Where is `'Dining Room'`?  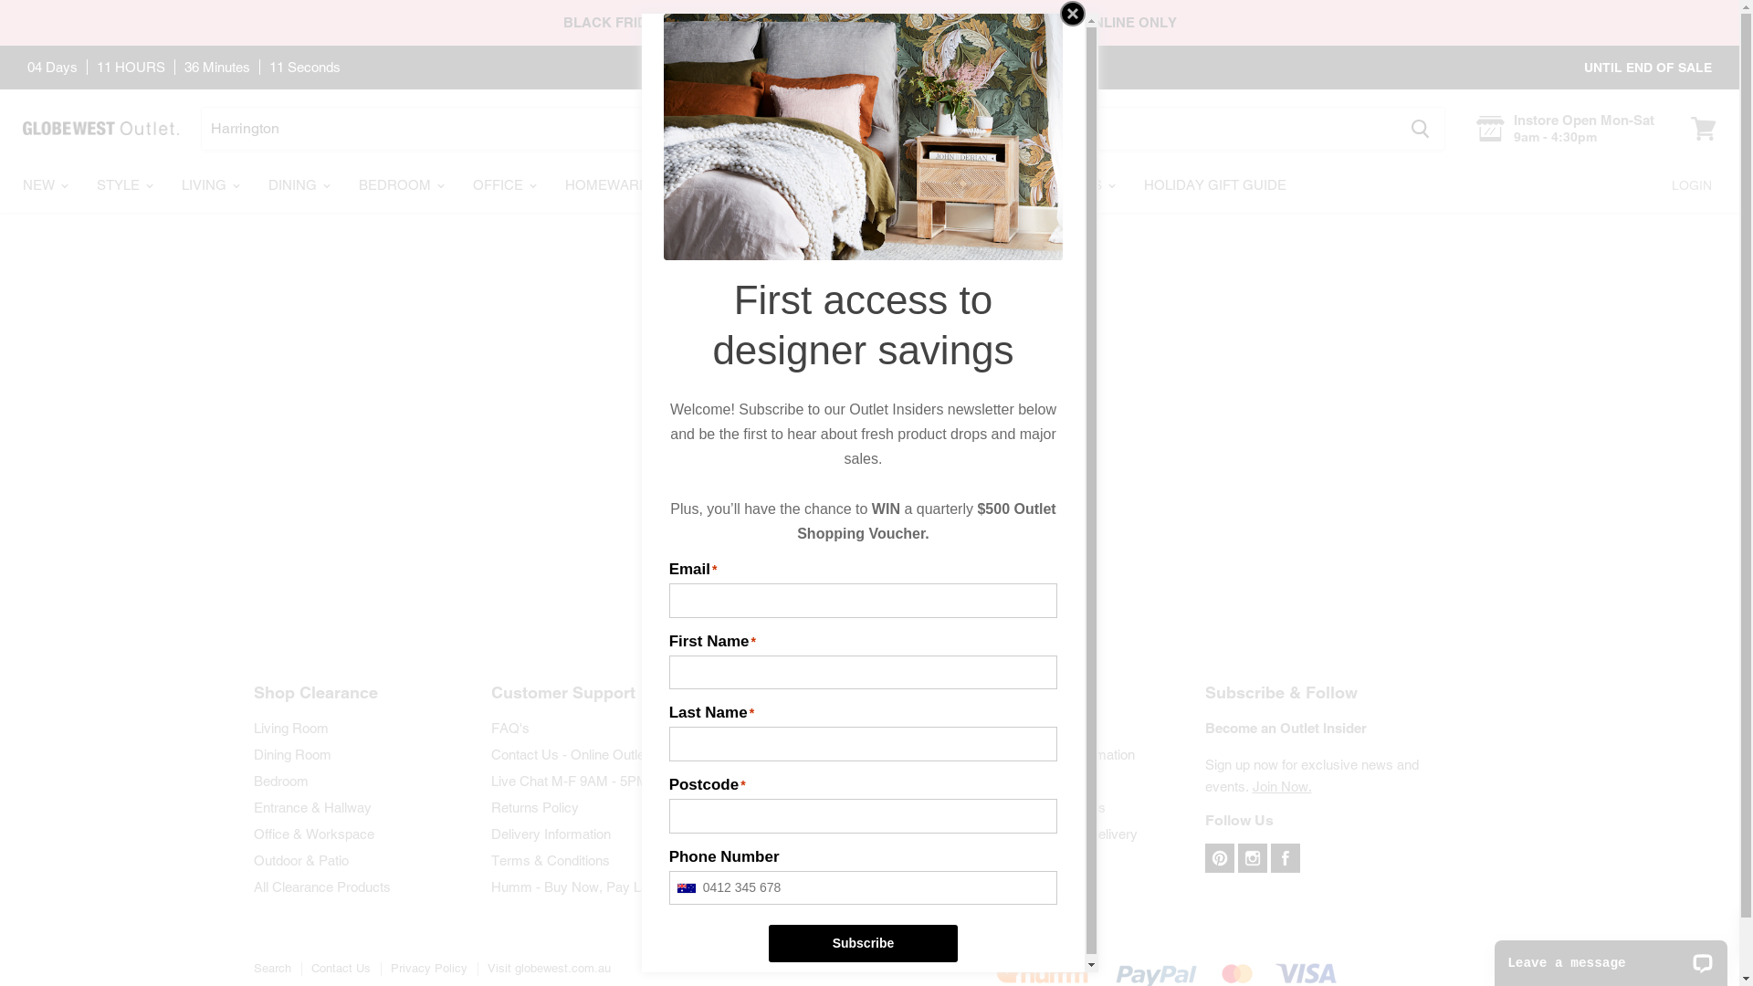
'Dining Room' is located at coordinates (292, 754).